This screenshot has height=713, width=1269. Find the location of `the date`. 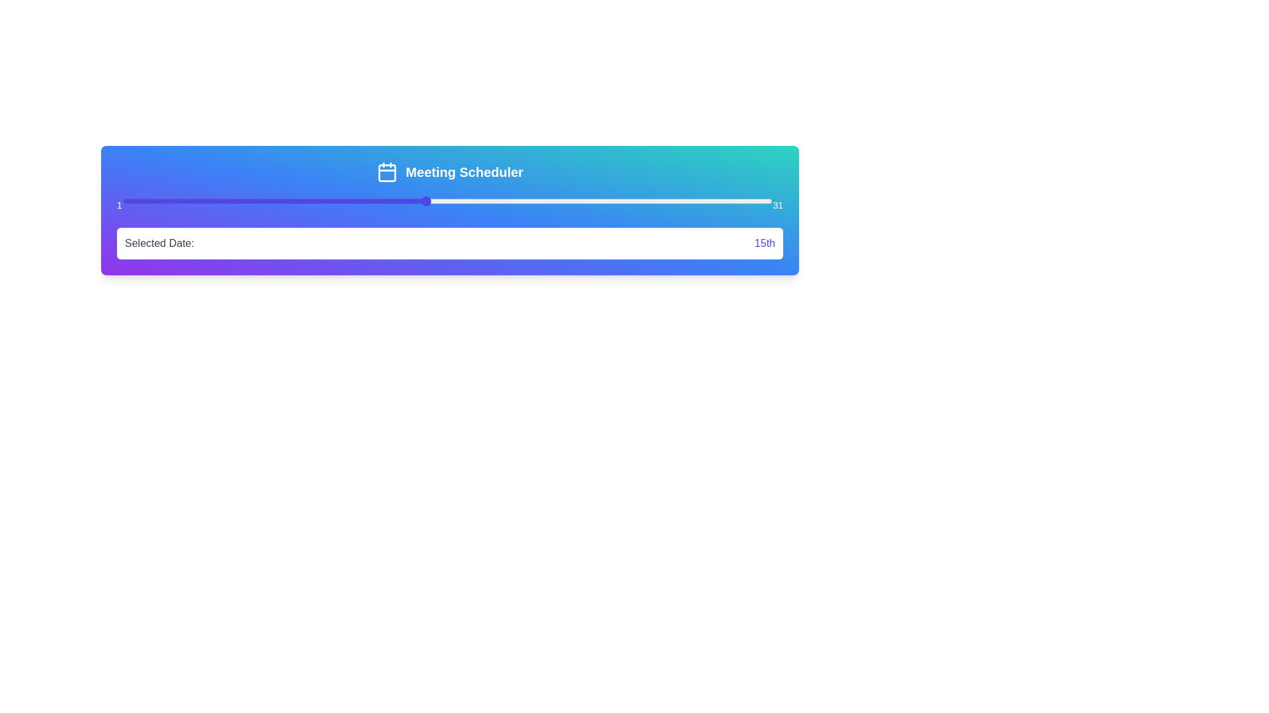

the date is located at coordinates (230, 201).